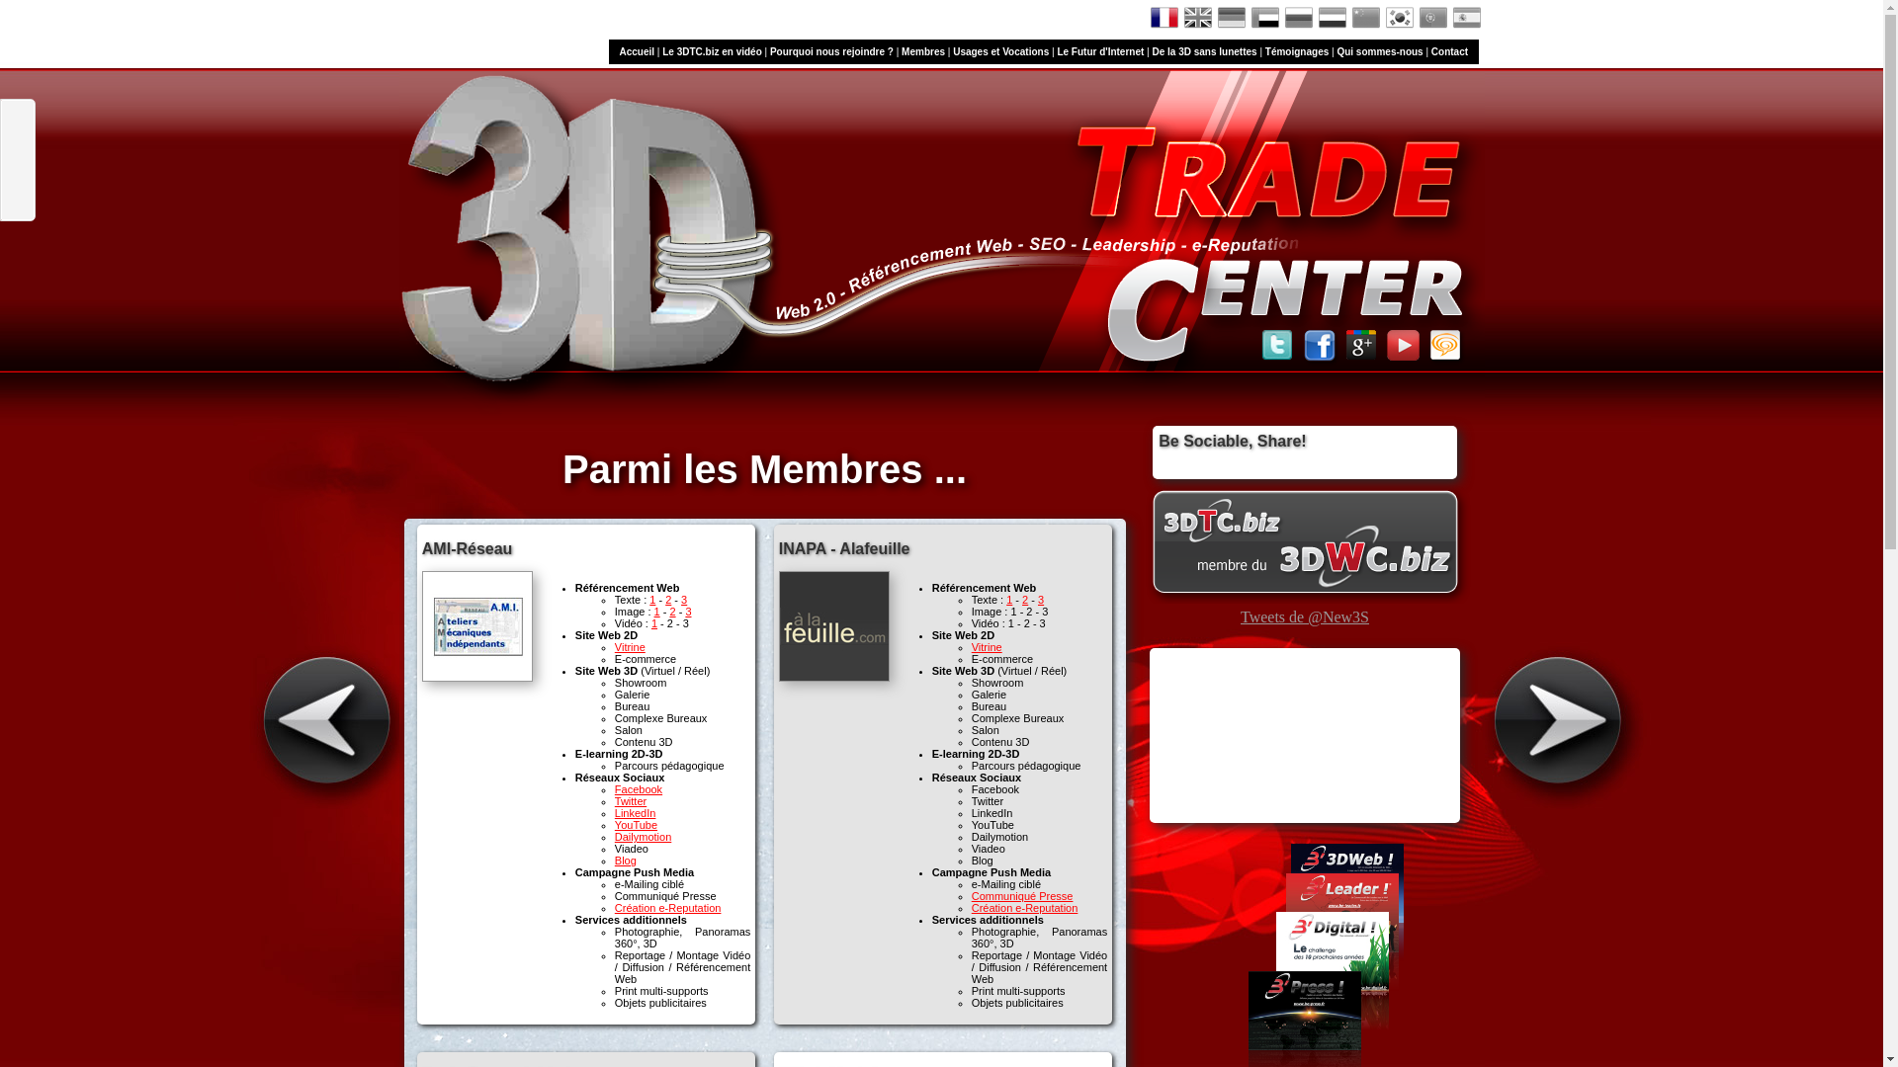 The width and height of the screenshot is (1898, 1067). What do you see at coordinates (1000, 50) in the screenshot?
I see `'Usages et Vocations'` at bounding box center [1000, 50].